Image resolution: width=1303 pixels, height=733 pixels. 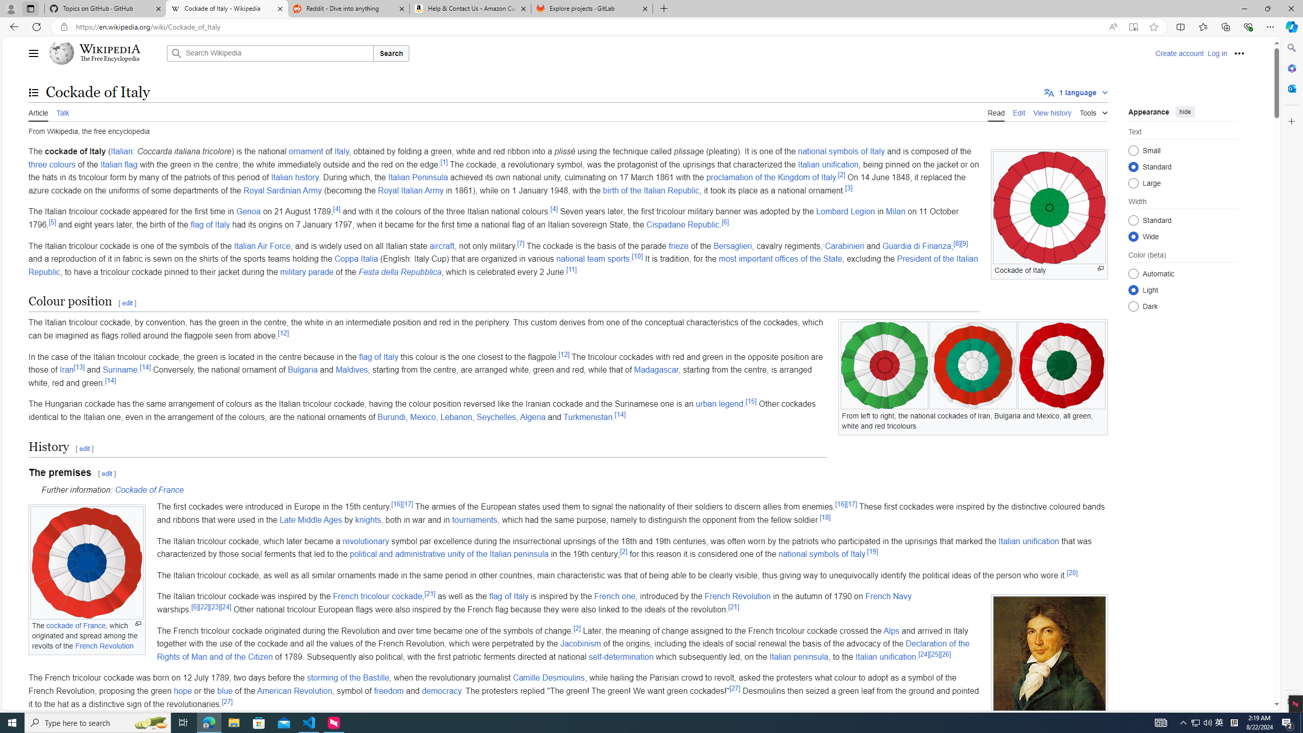 What do you see at coordinates (342, 152) in the screenshot?
I see `'Italy'` at bounding box center [342, 152].